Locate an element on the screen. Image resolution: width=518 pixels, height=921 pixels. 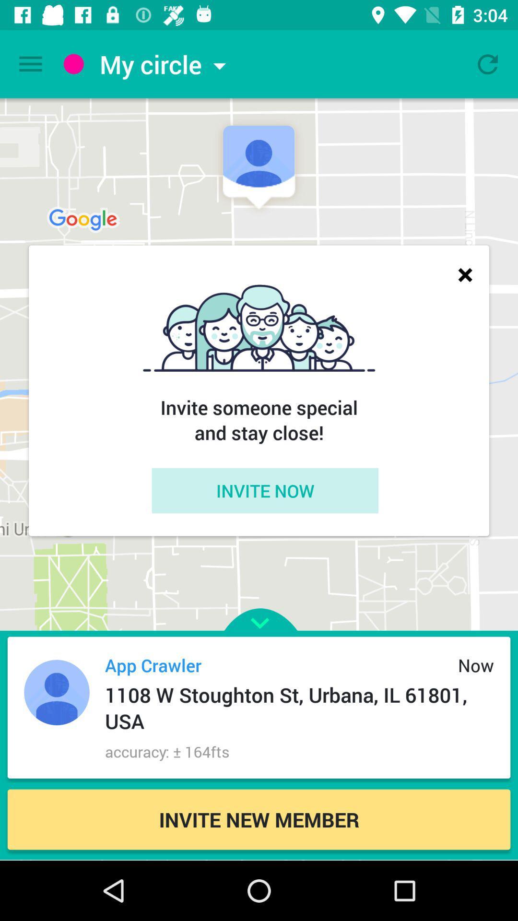
icon below invite someone special is located at coordinates (265, 490).